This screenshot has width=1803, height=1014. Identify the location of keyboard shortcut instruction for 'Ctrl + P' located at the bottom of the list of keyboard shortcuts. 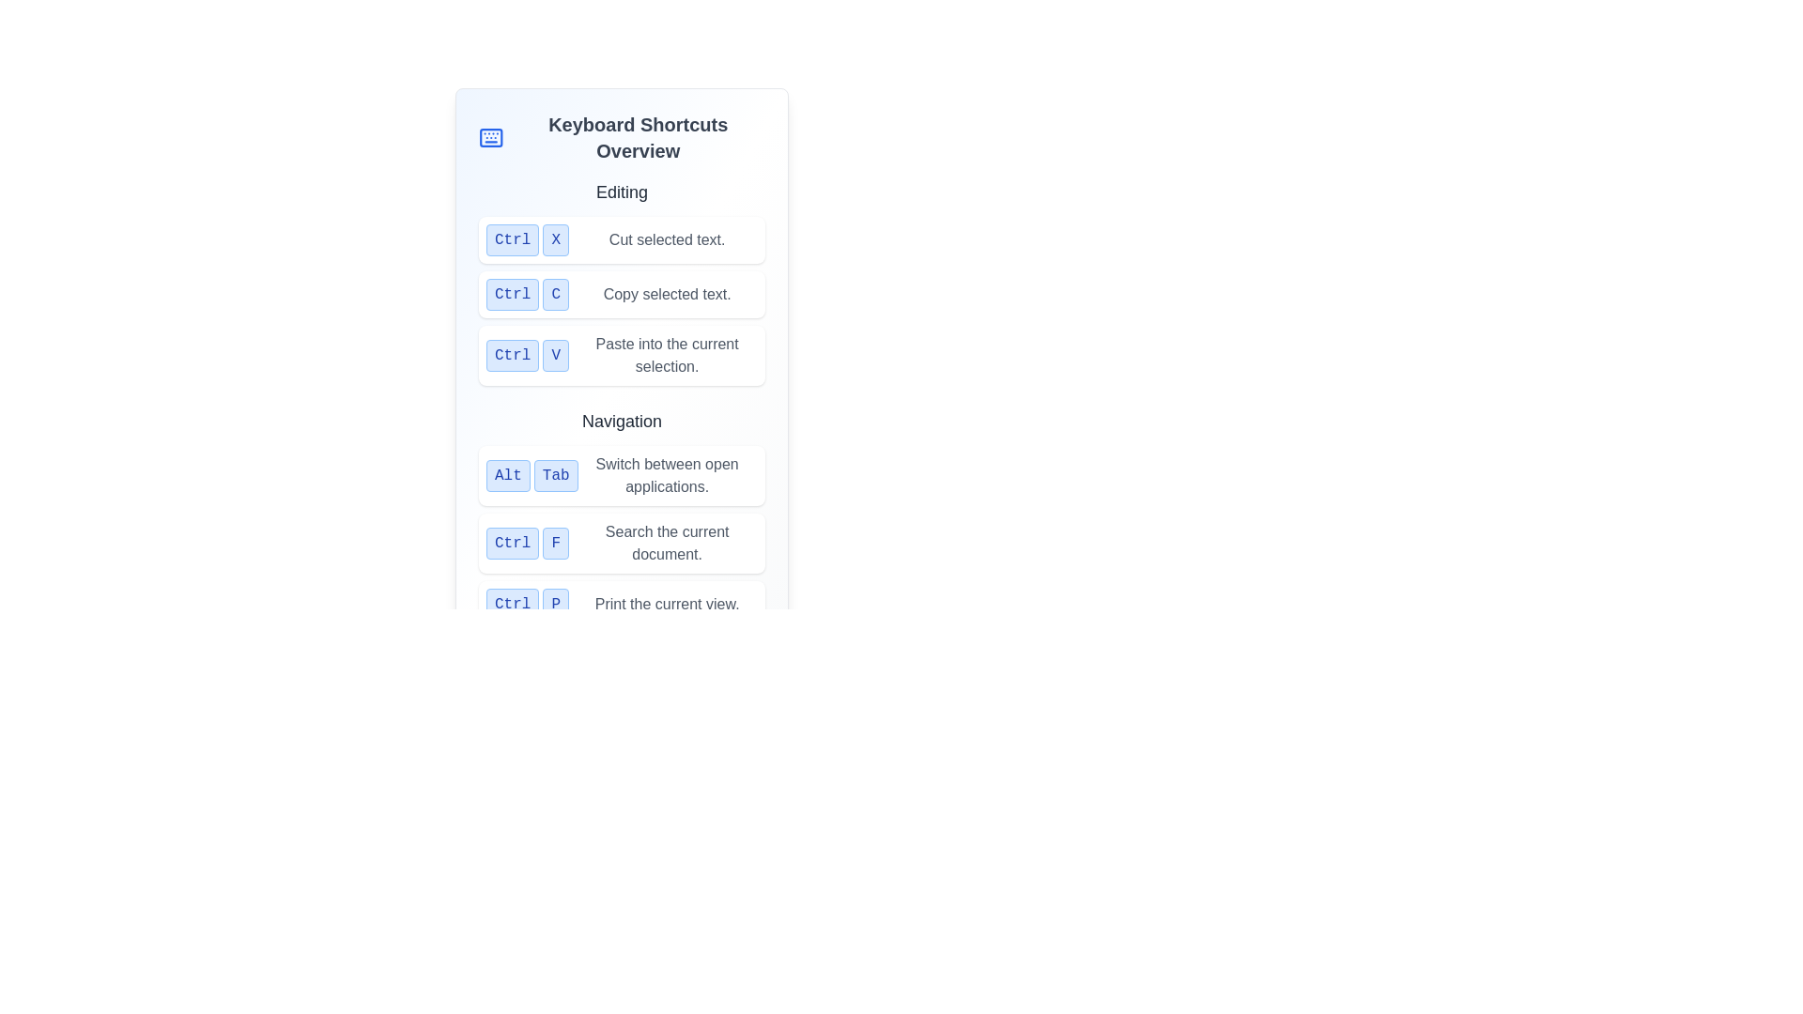
(622, 605).